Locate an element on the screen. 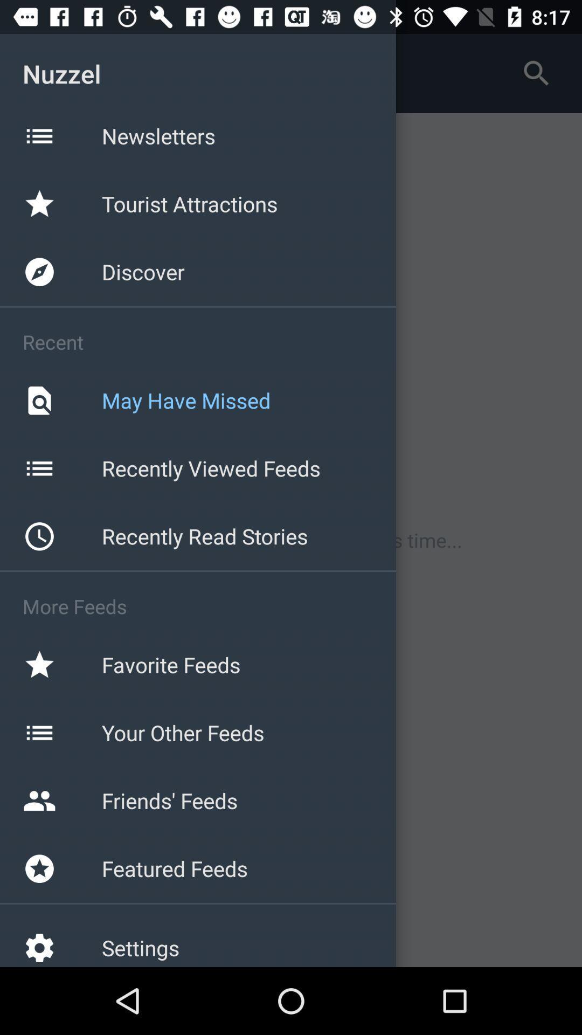 The height and width of the screenshot is (1035, 582). the icon favorite feeds is located at coordinates (39, 664).